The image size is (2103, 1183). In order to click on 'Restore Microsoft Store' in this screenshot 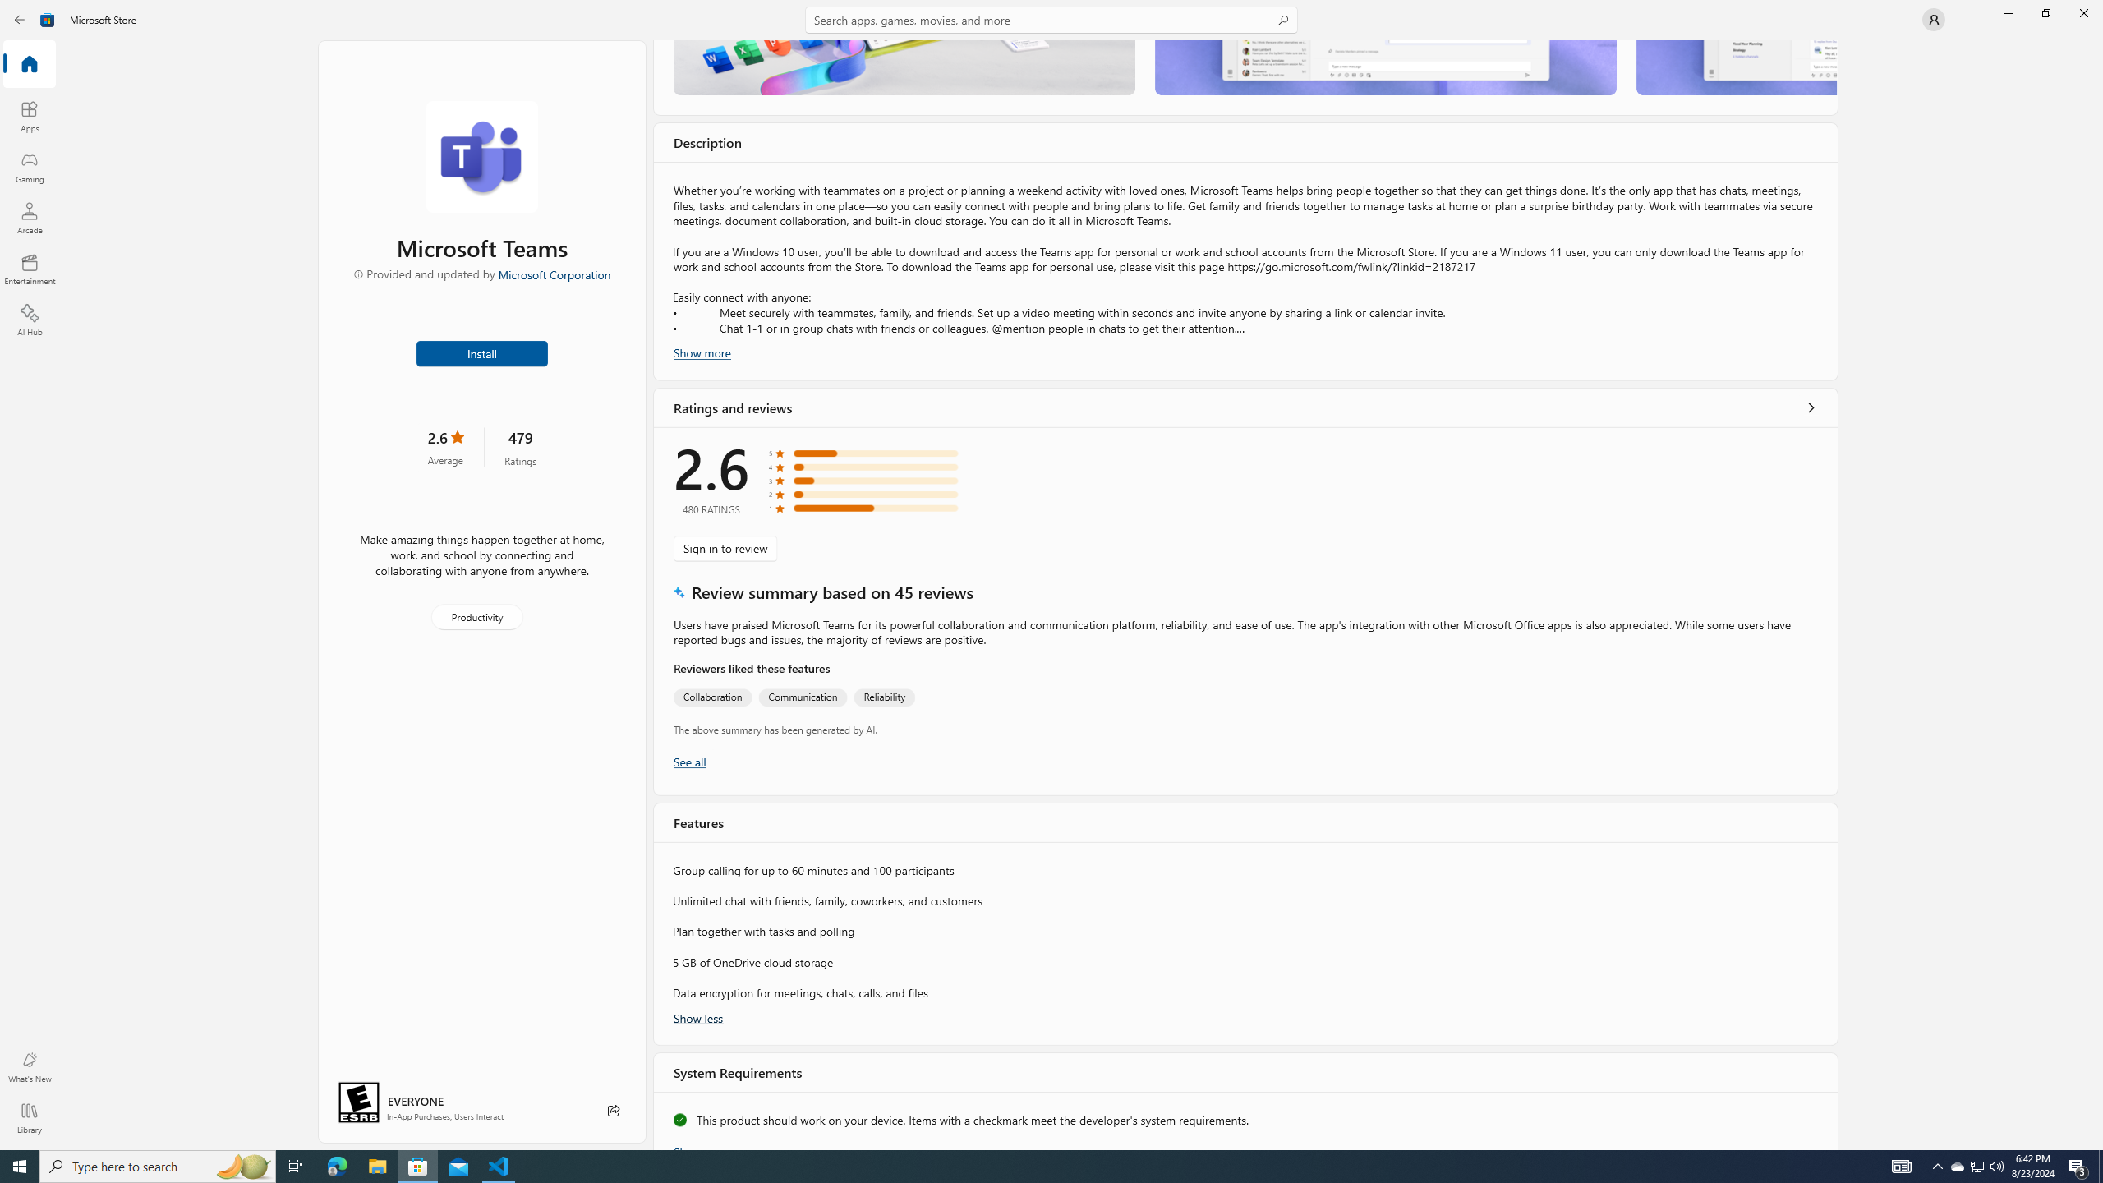, I will do `click(2045, 12)`.